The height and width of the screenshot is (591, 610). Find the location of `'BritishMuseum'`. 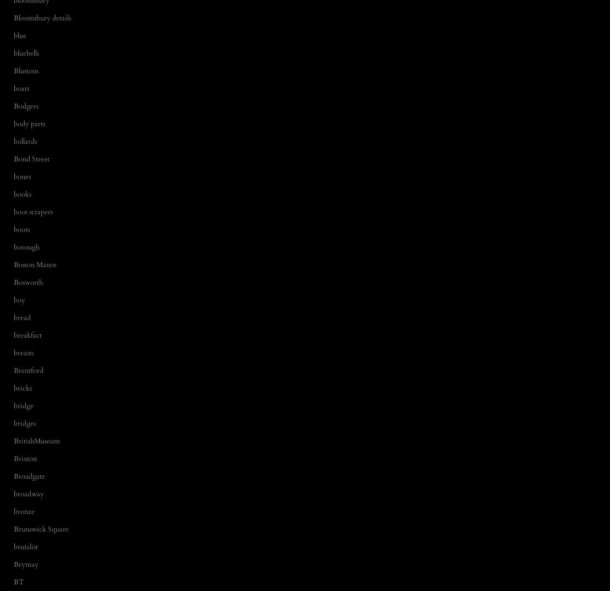

'BritishMuseum' is located at coordinates (36, 441).